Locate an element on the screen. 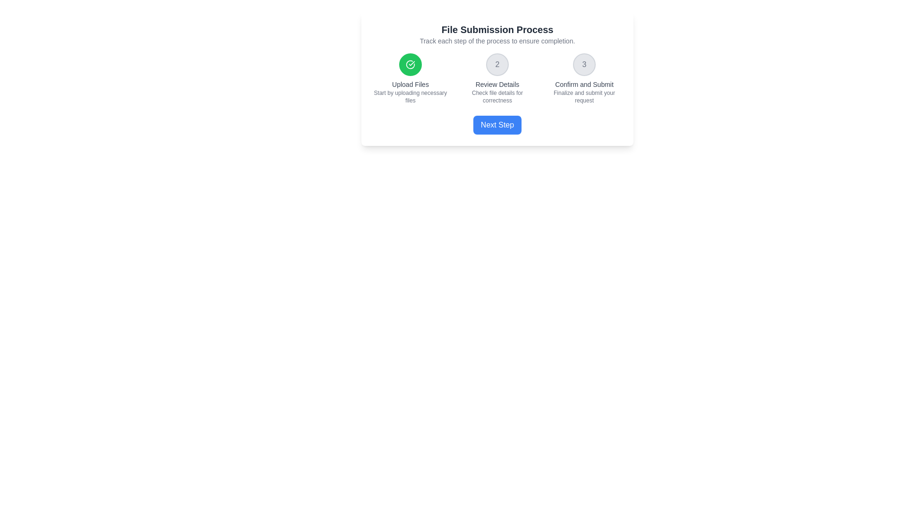 The height and width of the screenshot is (510, 907). the instructional Text Label located beneath the 'Upload Files' text and centrally aligned with a green circular icon containing a checkmark is located at coordinates (410, 96).